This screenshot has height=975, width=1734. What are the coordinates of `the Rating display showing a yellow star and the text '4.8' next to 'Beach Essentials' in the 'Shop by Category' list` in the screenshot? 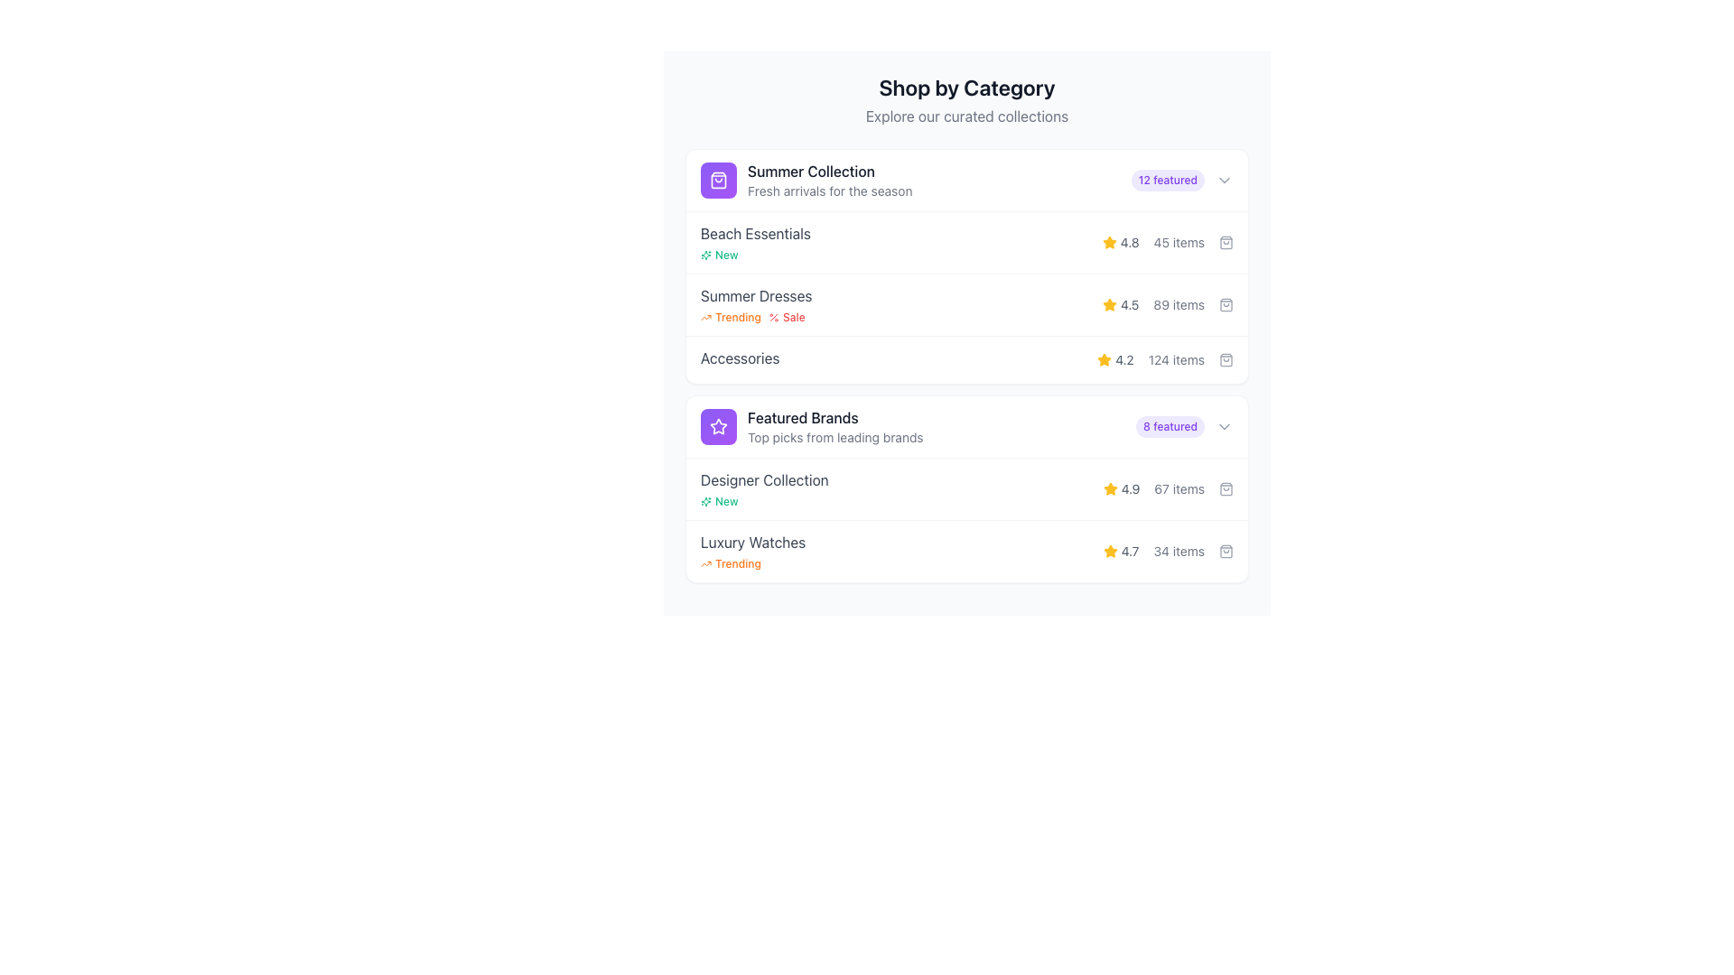 It's located at (1120, 242).